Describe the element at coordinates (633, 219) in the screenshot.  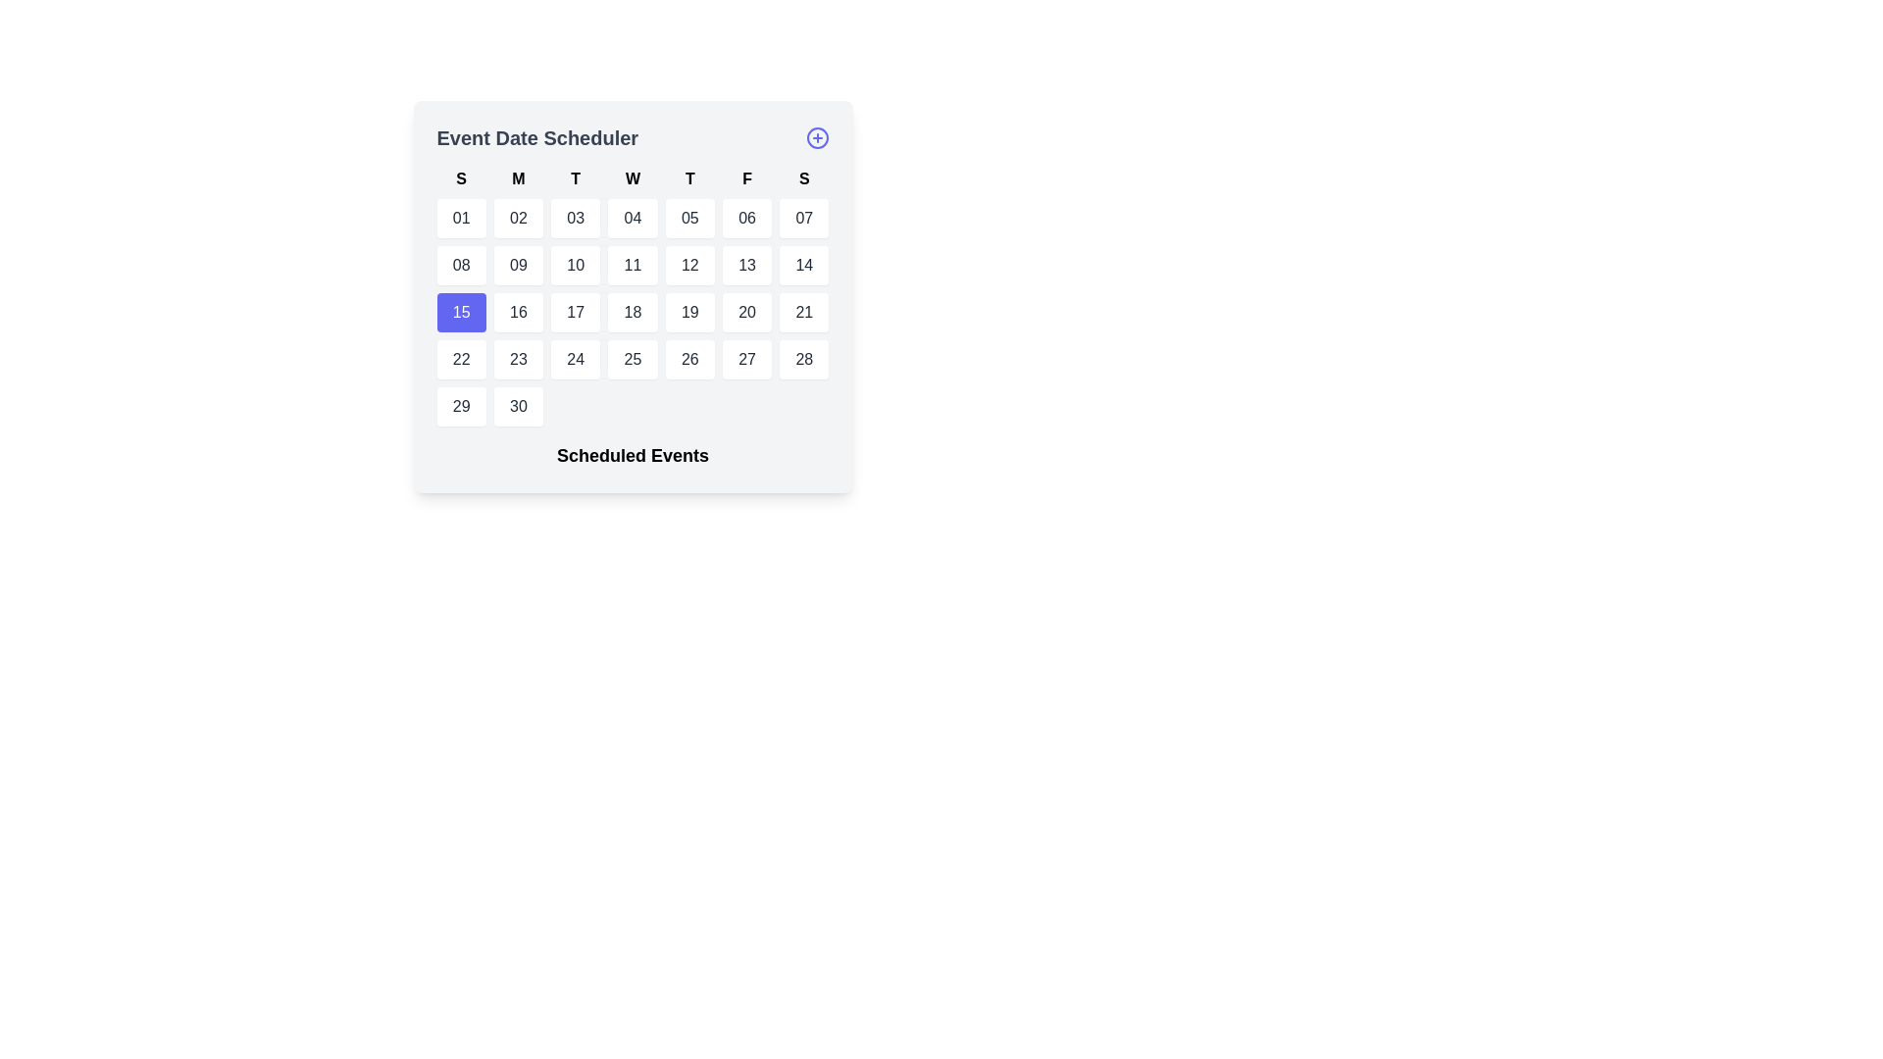
I see `the small rectangular button with rounded corners and the text '04'` at that location.